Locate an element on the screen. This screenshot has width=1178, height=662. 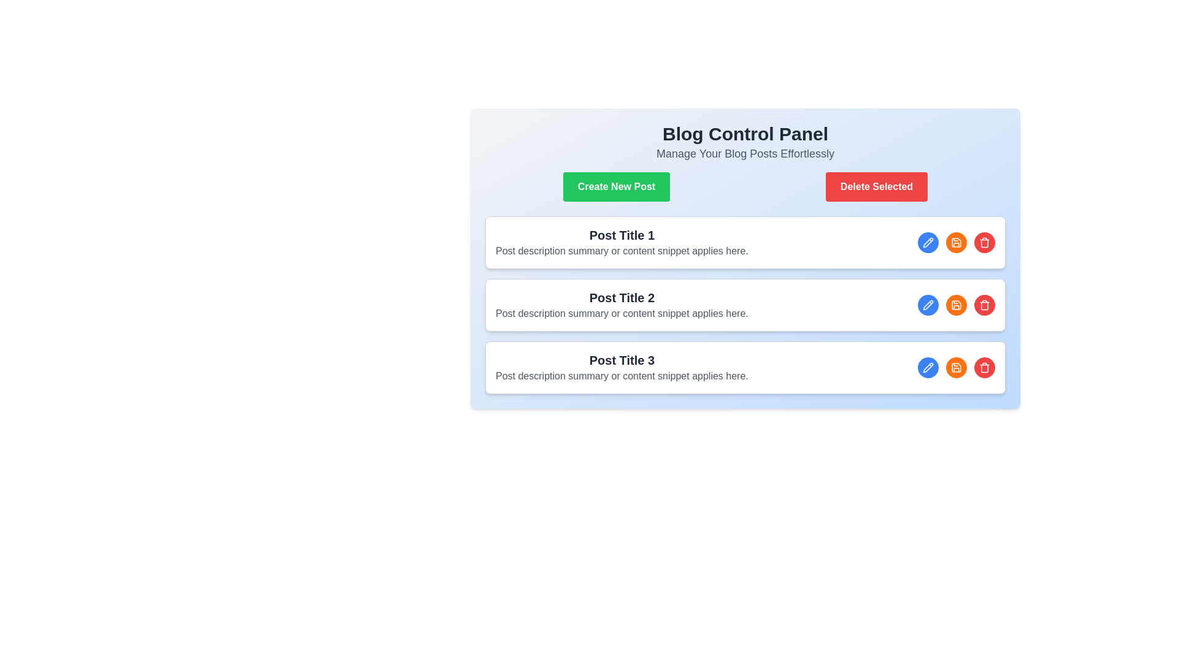
the small, circular orange save button located between the blue 'edit' button and the red 'delete' button at the end of the blog post card titled 'Post Title 3' is located at coordinates (956, 367).